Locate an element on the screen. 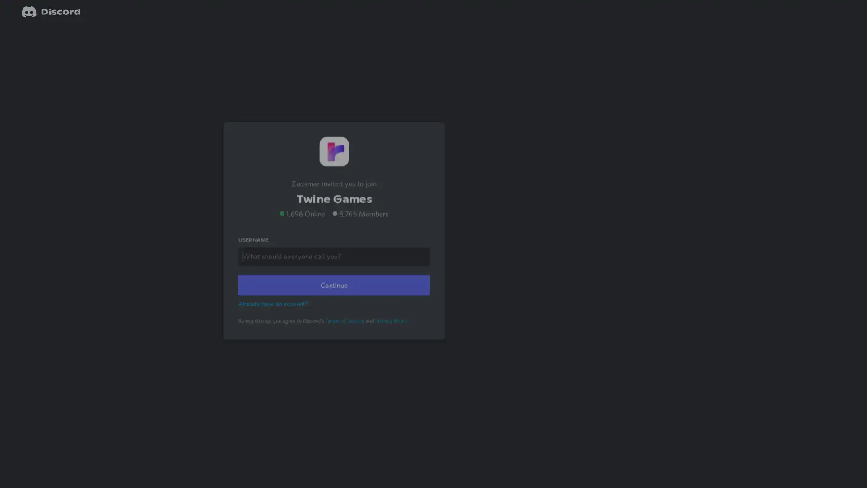 The width and height of the screenshot is (867, 488). Continue is located at coordinates (333, 296).